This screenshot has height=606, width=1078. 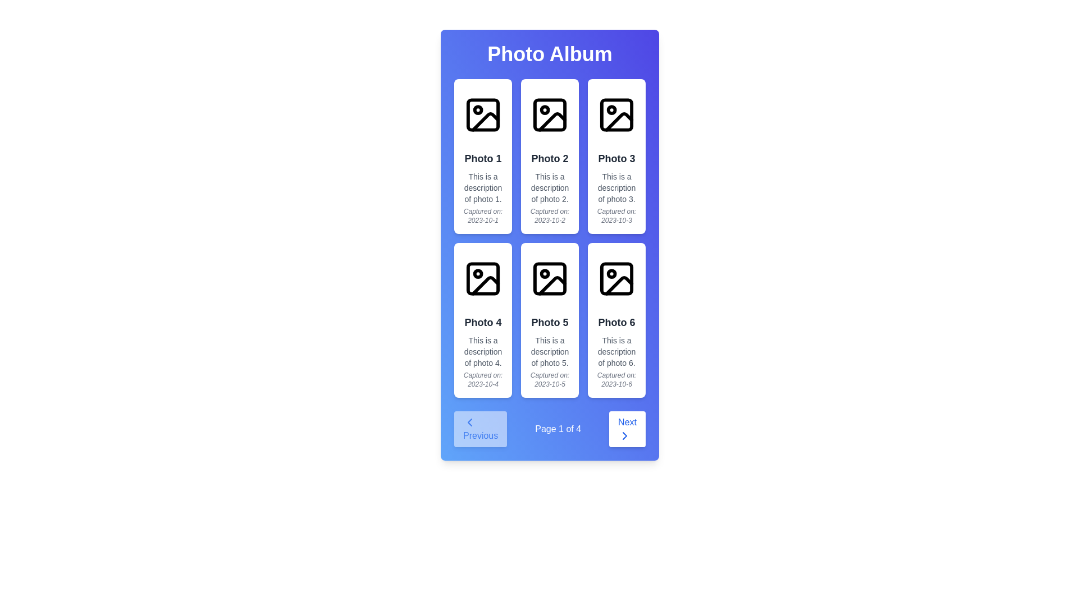 I want to click on the informational text label providing the timestamp or metadata for 'Photo 6', positioned below its description, so click(x=616, y=379).